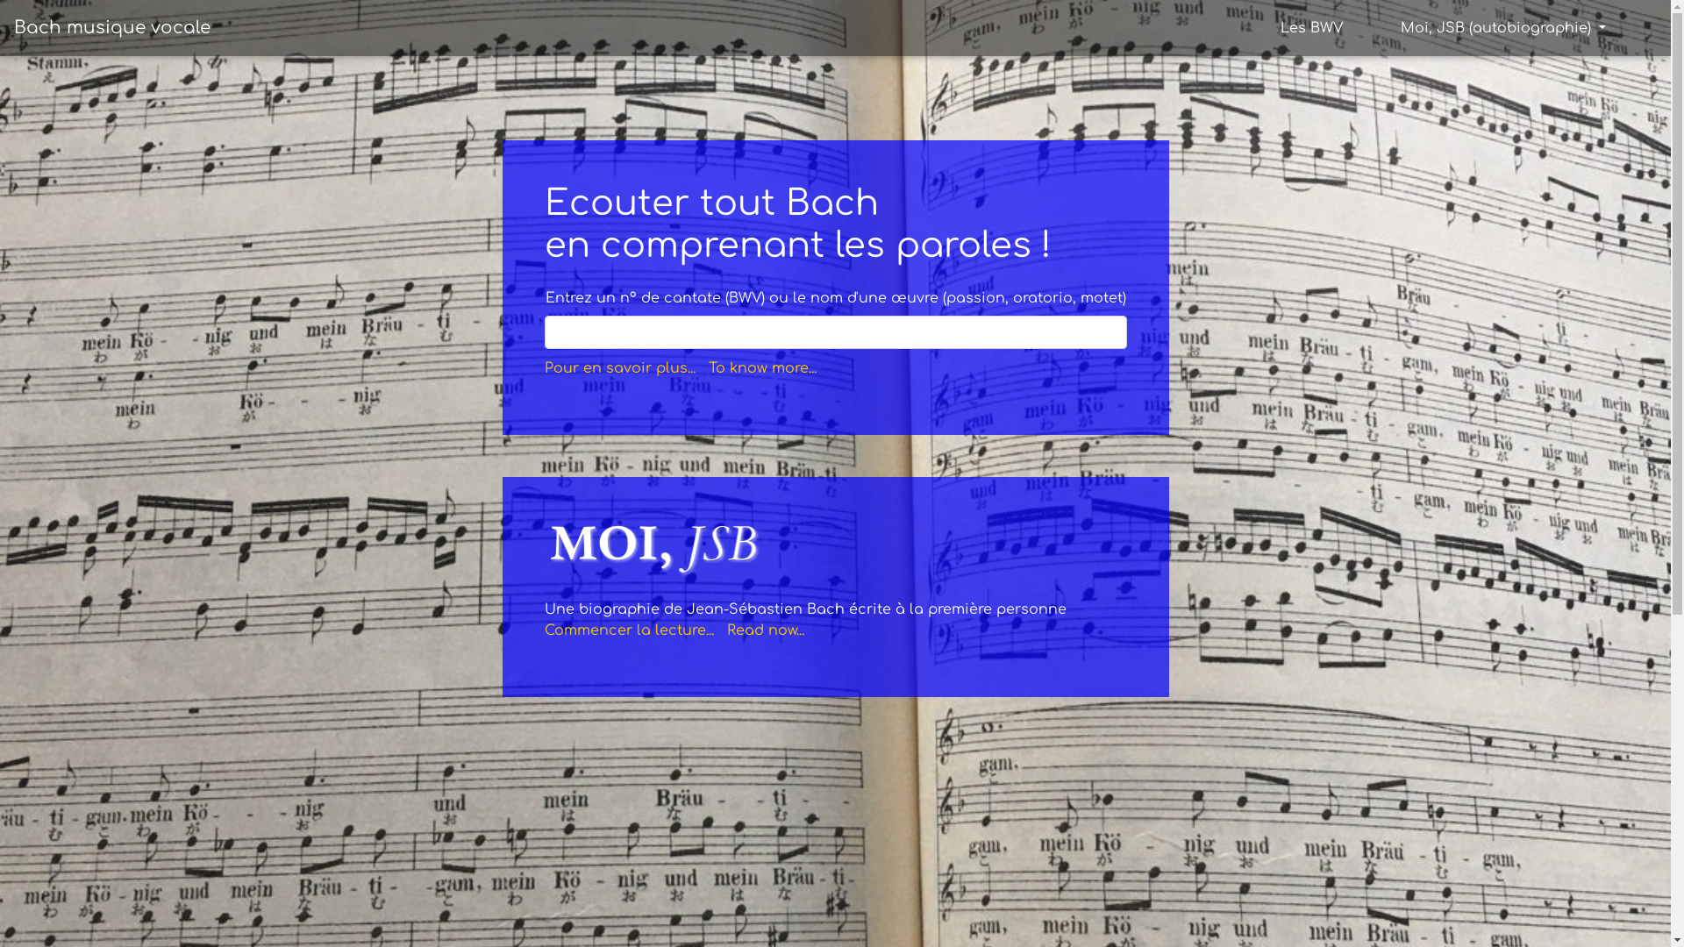 The image size is (1684, 947). I want to click on 'Moi, JSB (autobiographie)', so click(1502, 27).